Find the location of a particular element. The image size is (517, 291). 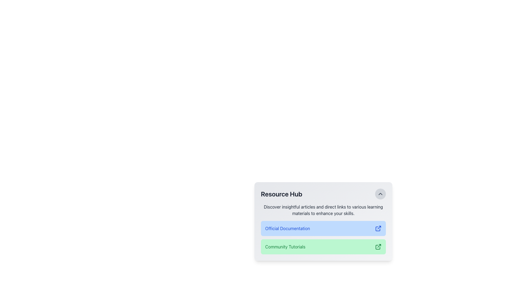

the bottom component of the grouped icon set that is part of the link-related graphic, located at the bottom-right of the 'Community Tutorials' button is located at coordinates (378, 247).